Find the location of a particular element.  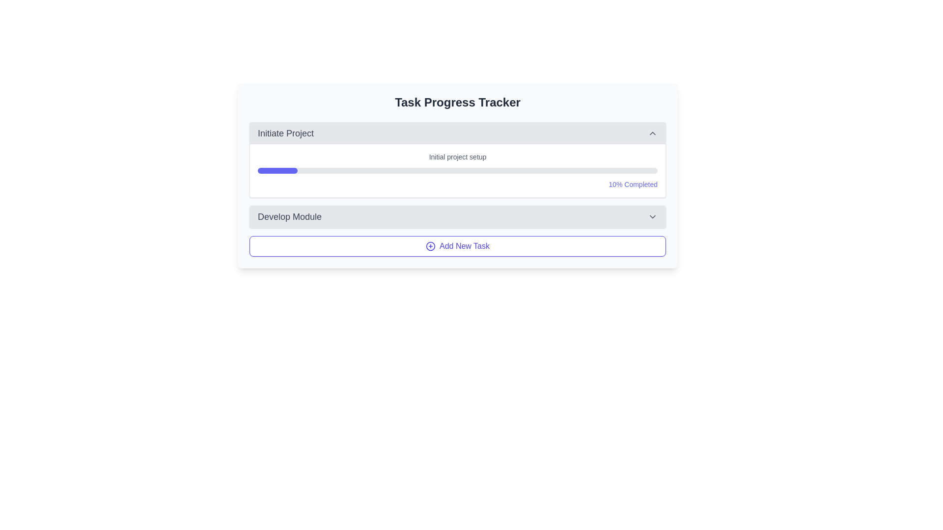

the upward-pointing chevron icon located on the far-right side of the 'Initiate Project' header bar is located at coordinates (653, 133).